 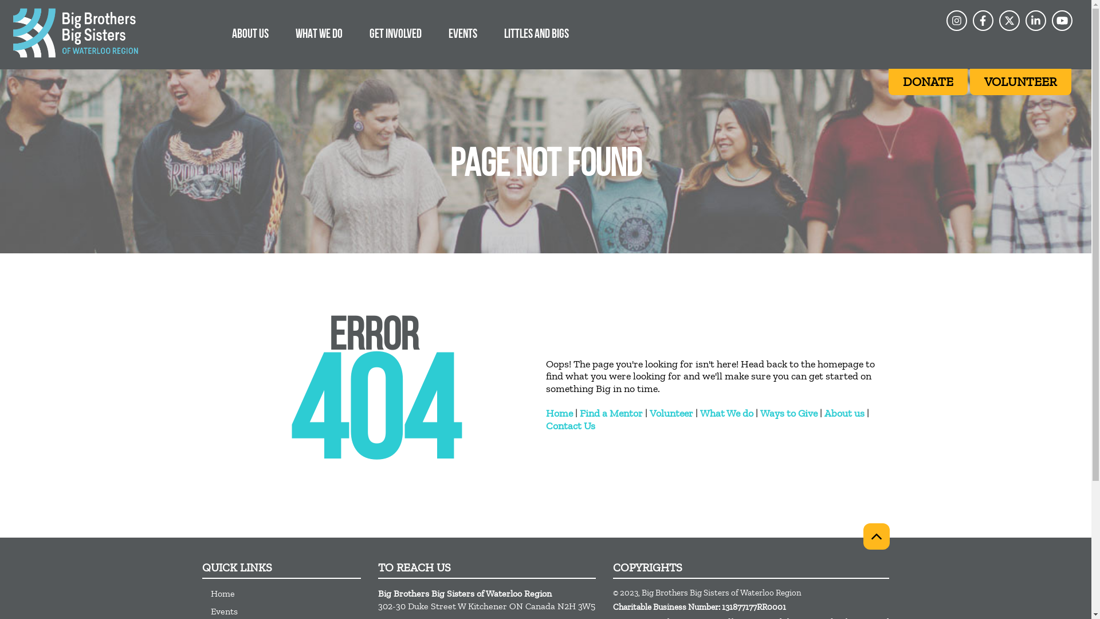 What do you see at coordinates (284, 33) in the screenshot?
I see `'WHAT WE DO'` at bounding box center [284, 33].